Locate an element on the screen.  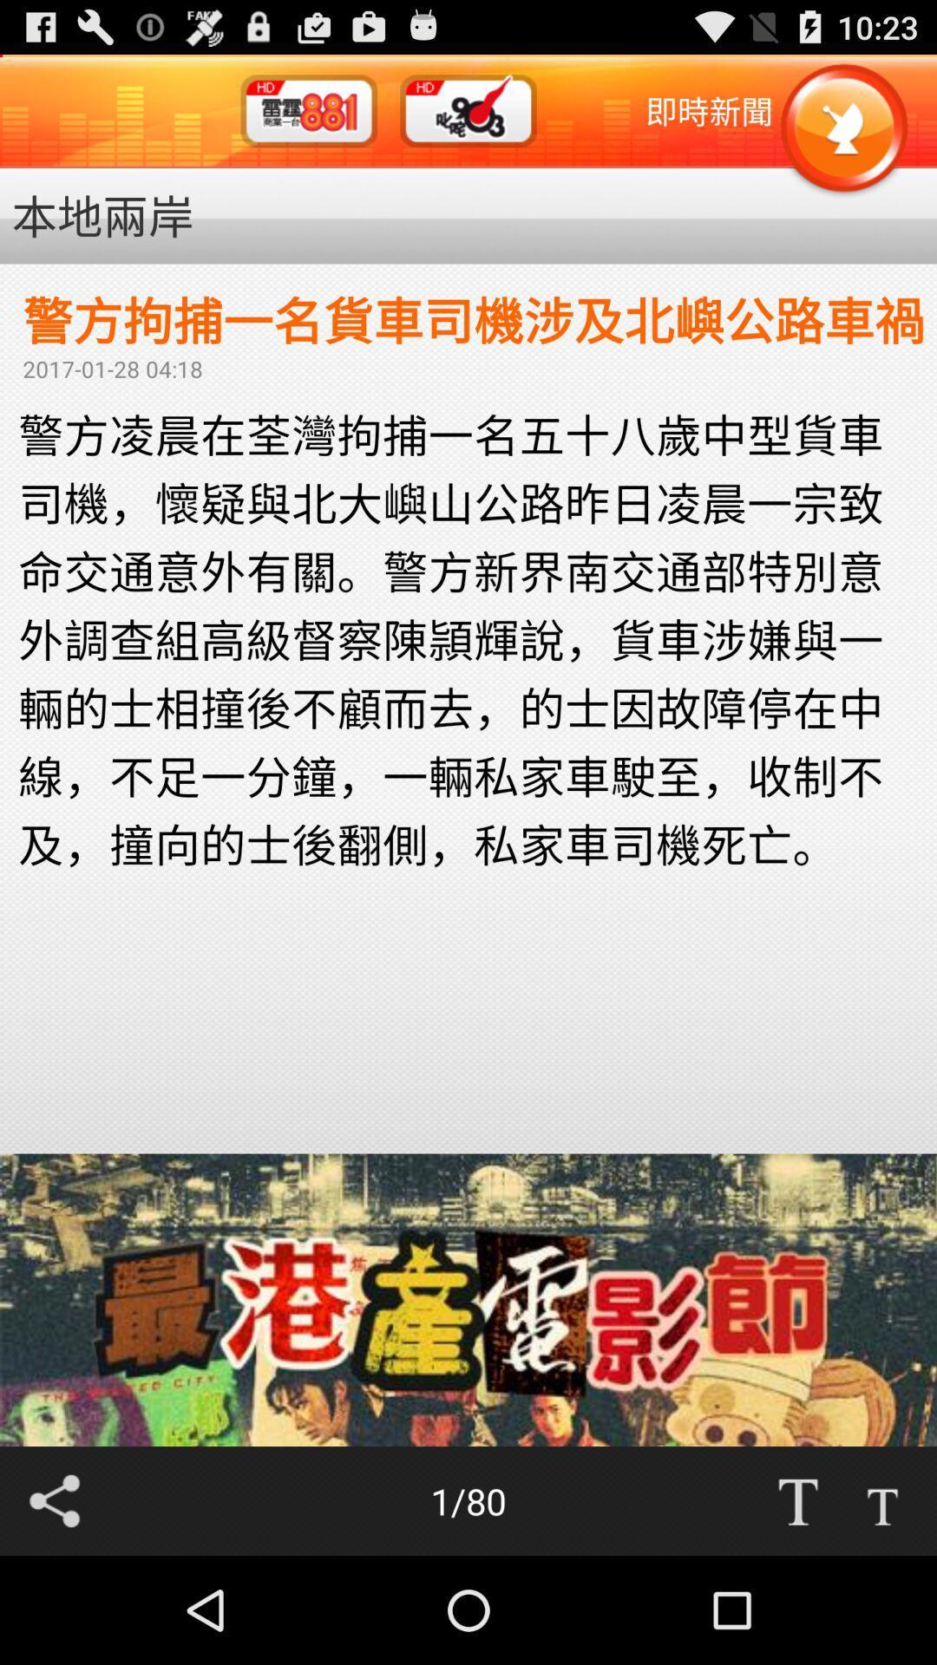
selection is located at coordinates (882, 1500).